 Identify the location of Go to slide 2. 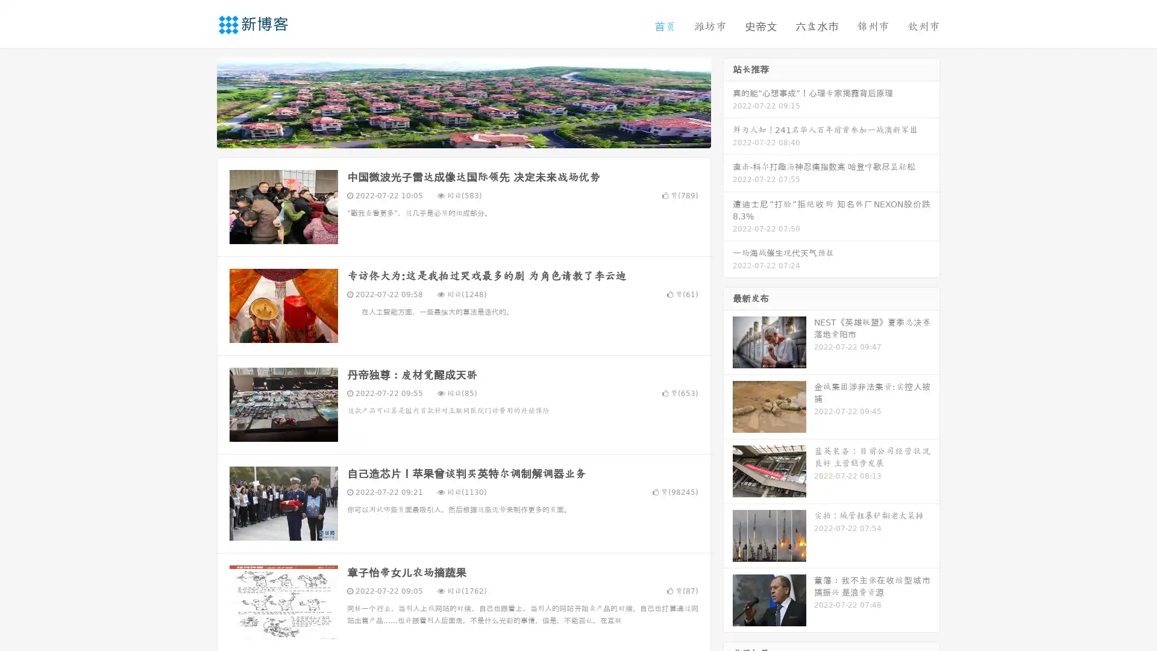
(463, 136).